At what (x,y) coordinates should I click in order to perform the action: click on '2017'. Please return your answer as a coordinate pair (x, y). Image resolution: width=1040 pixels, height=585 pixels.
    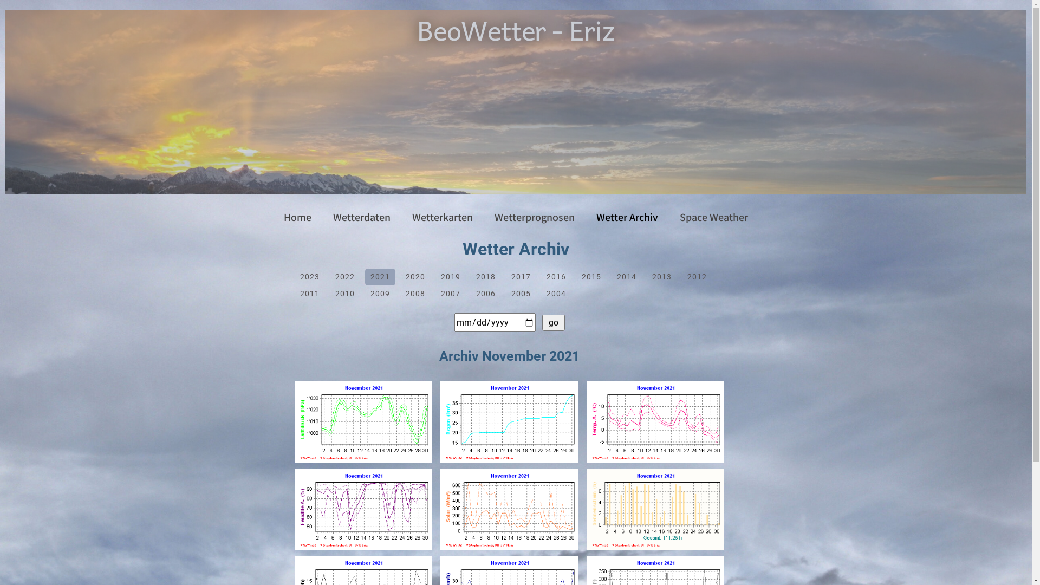
    Looking at the image, I should click on (521, 276).